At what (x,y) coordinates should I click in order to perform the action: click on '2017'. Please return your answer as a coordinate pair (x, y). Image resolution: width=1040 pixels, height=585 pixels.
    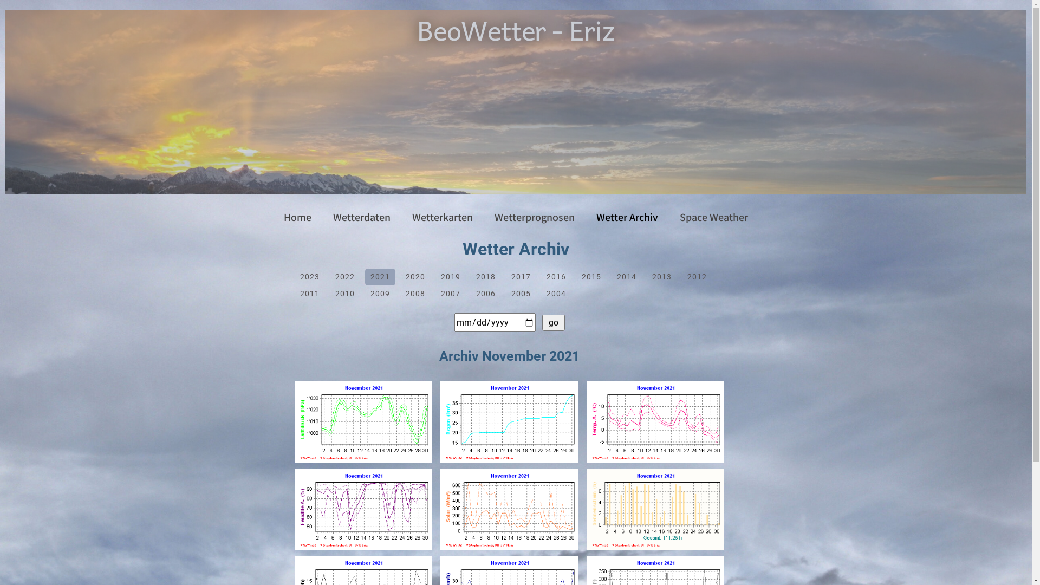
    Looking at the image, I should click on (521, 276).